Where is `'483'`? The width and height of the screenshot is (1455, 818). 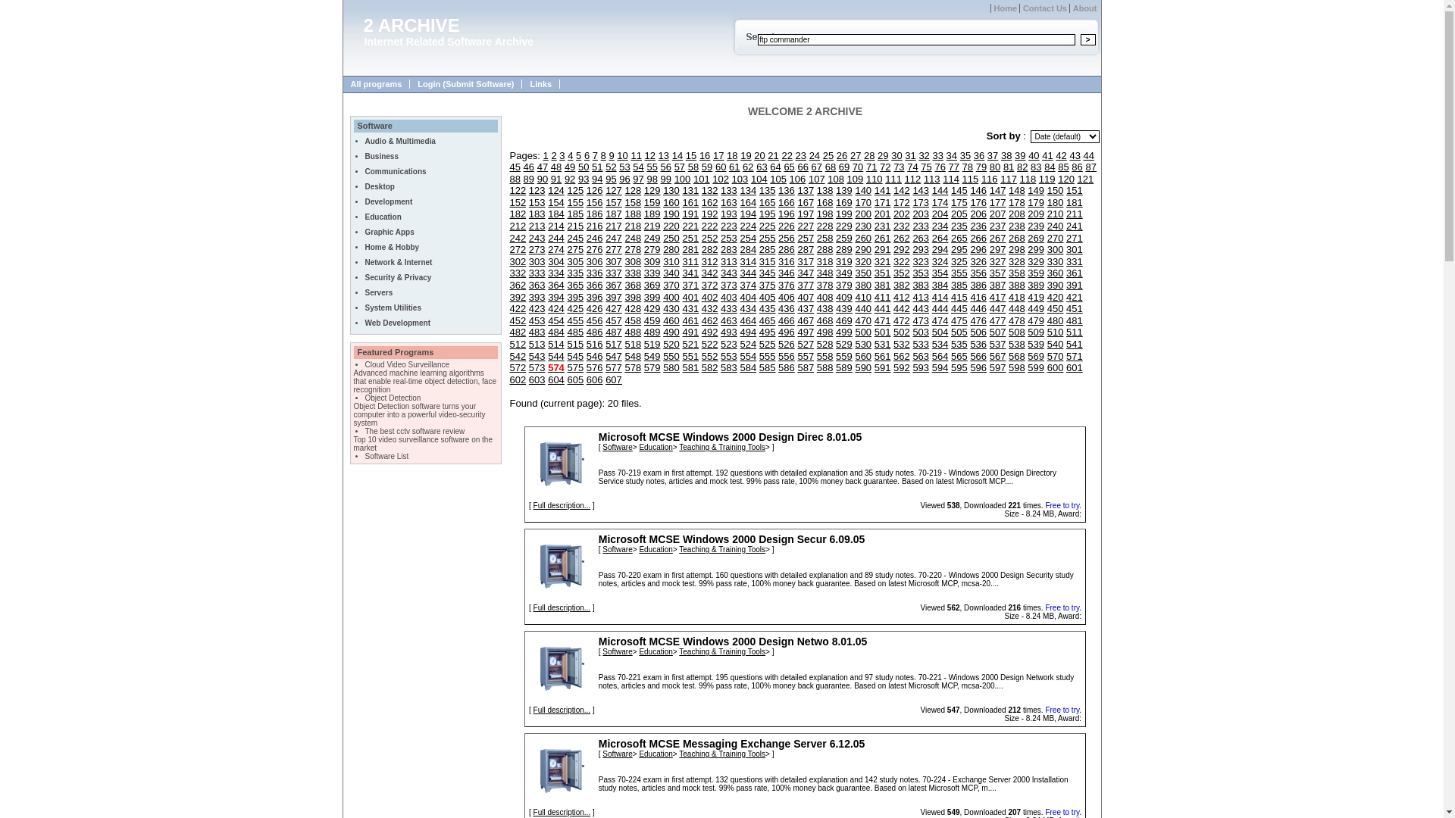 '483' is located at coordinates (537, 331).